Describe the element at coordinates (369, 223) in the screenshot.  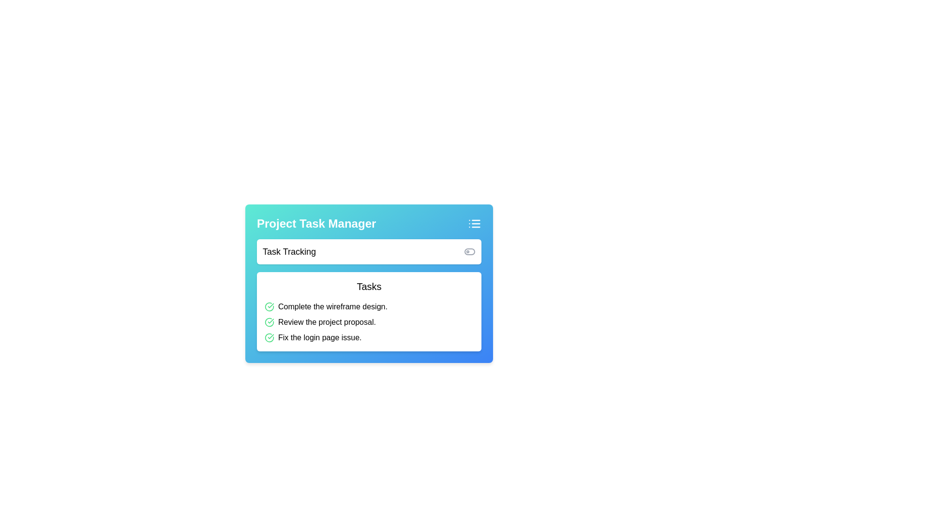
I see `the icon associated with the Header at the top of the task management section for navigation hints` at that location.